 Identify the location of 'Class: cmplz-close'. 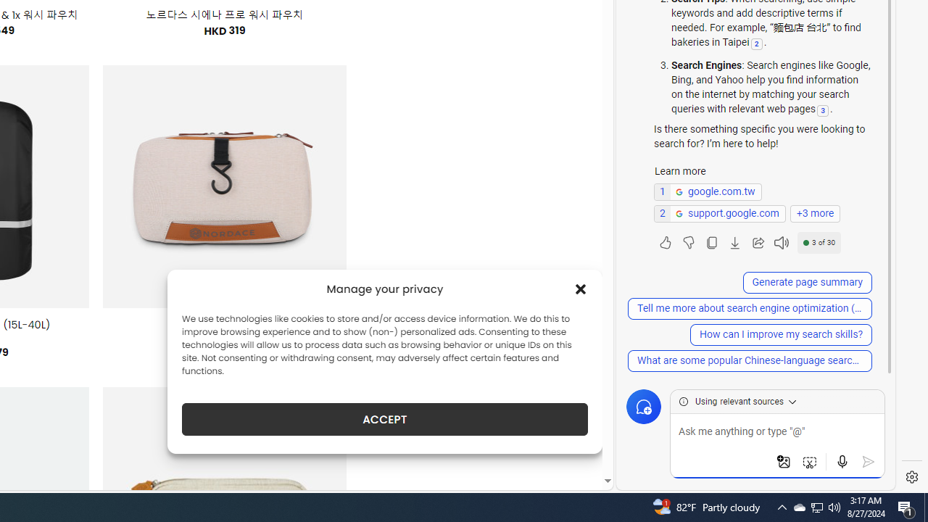
(581, 289).